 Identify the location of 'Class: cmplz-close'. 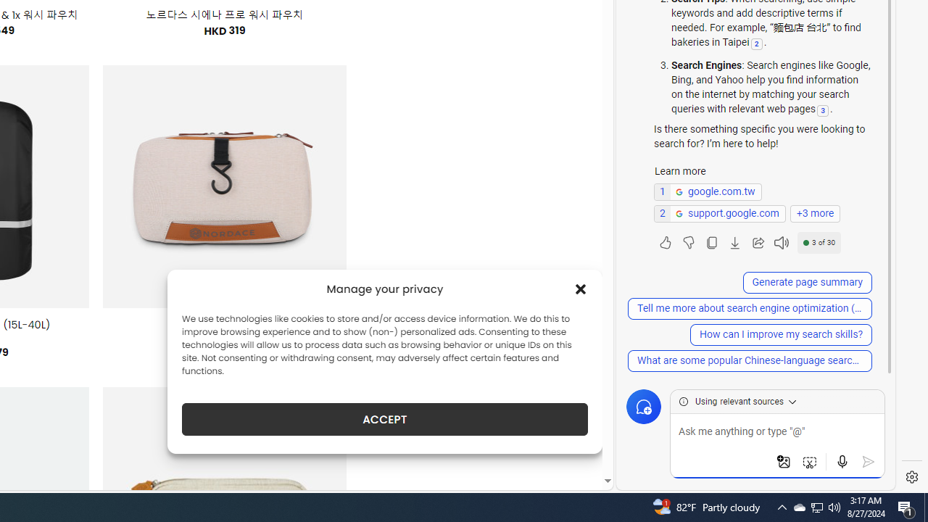
(581, 289).